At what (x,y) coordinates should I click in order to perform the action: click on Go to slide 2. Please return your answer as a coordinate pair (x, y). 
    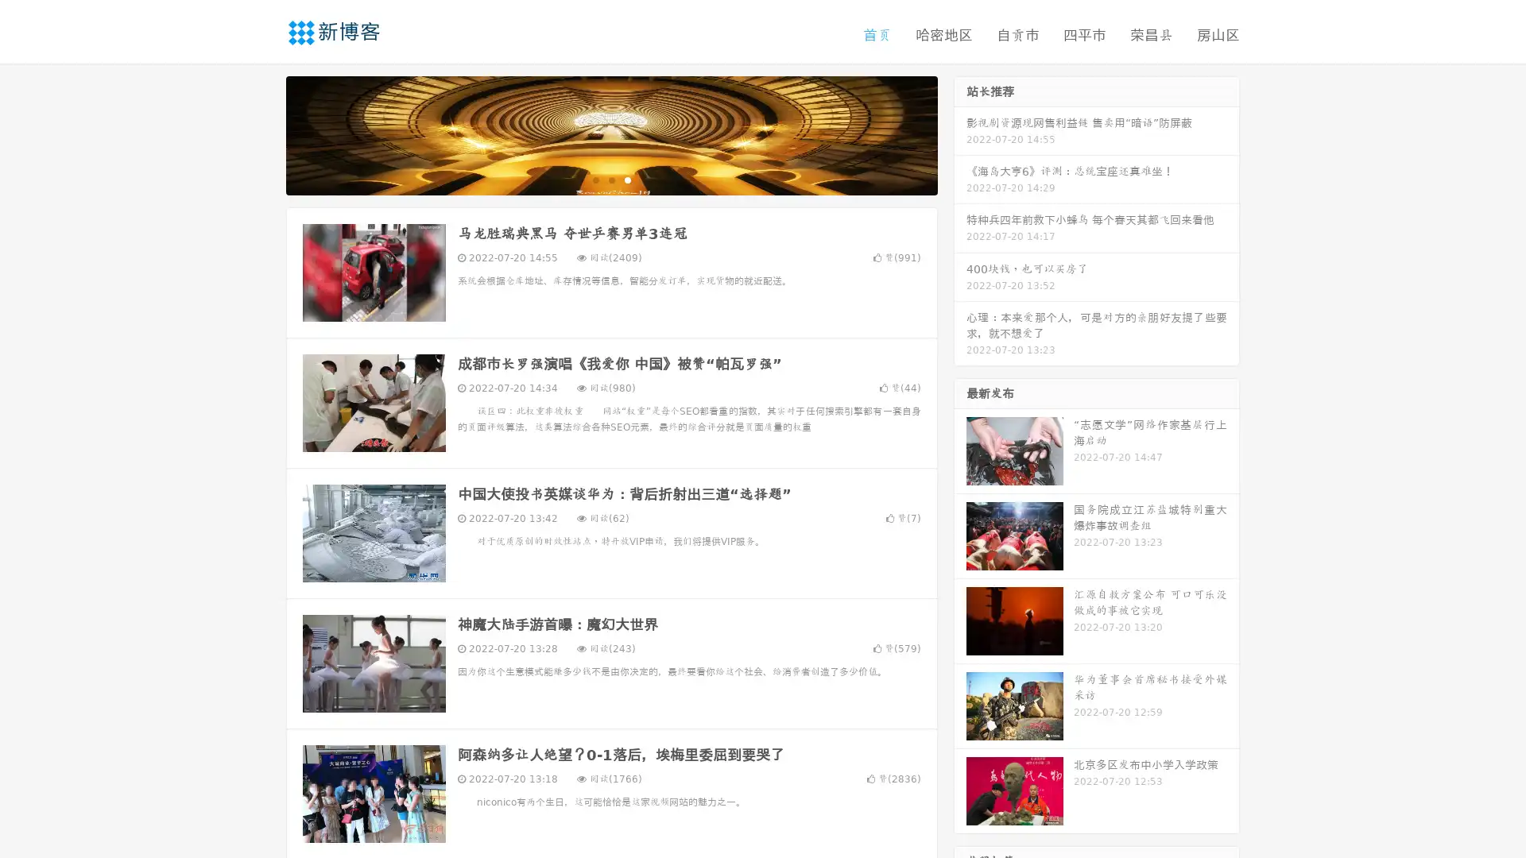
    Looking at the image, I should click on (610, 179).